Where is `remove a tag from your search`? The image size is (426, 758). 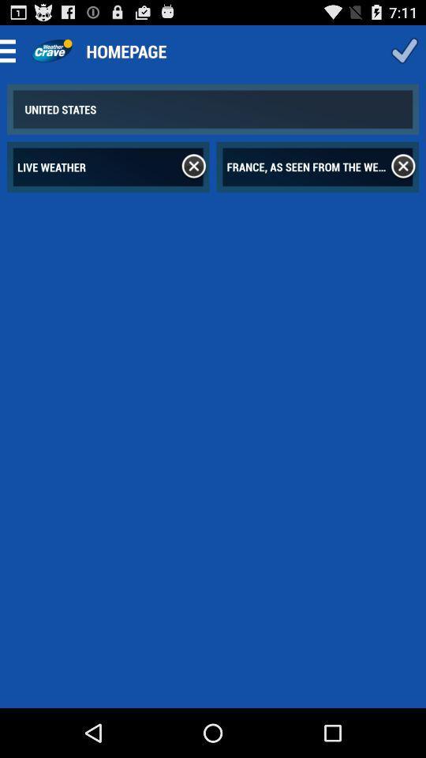
remove a tag from your search is located at coordinates (193, 167).